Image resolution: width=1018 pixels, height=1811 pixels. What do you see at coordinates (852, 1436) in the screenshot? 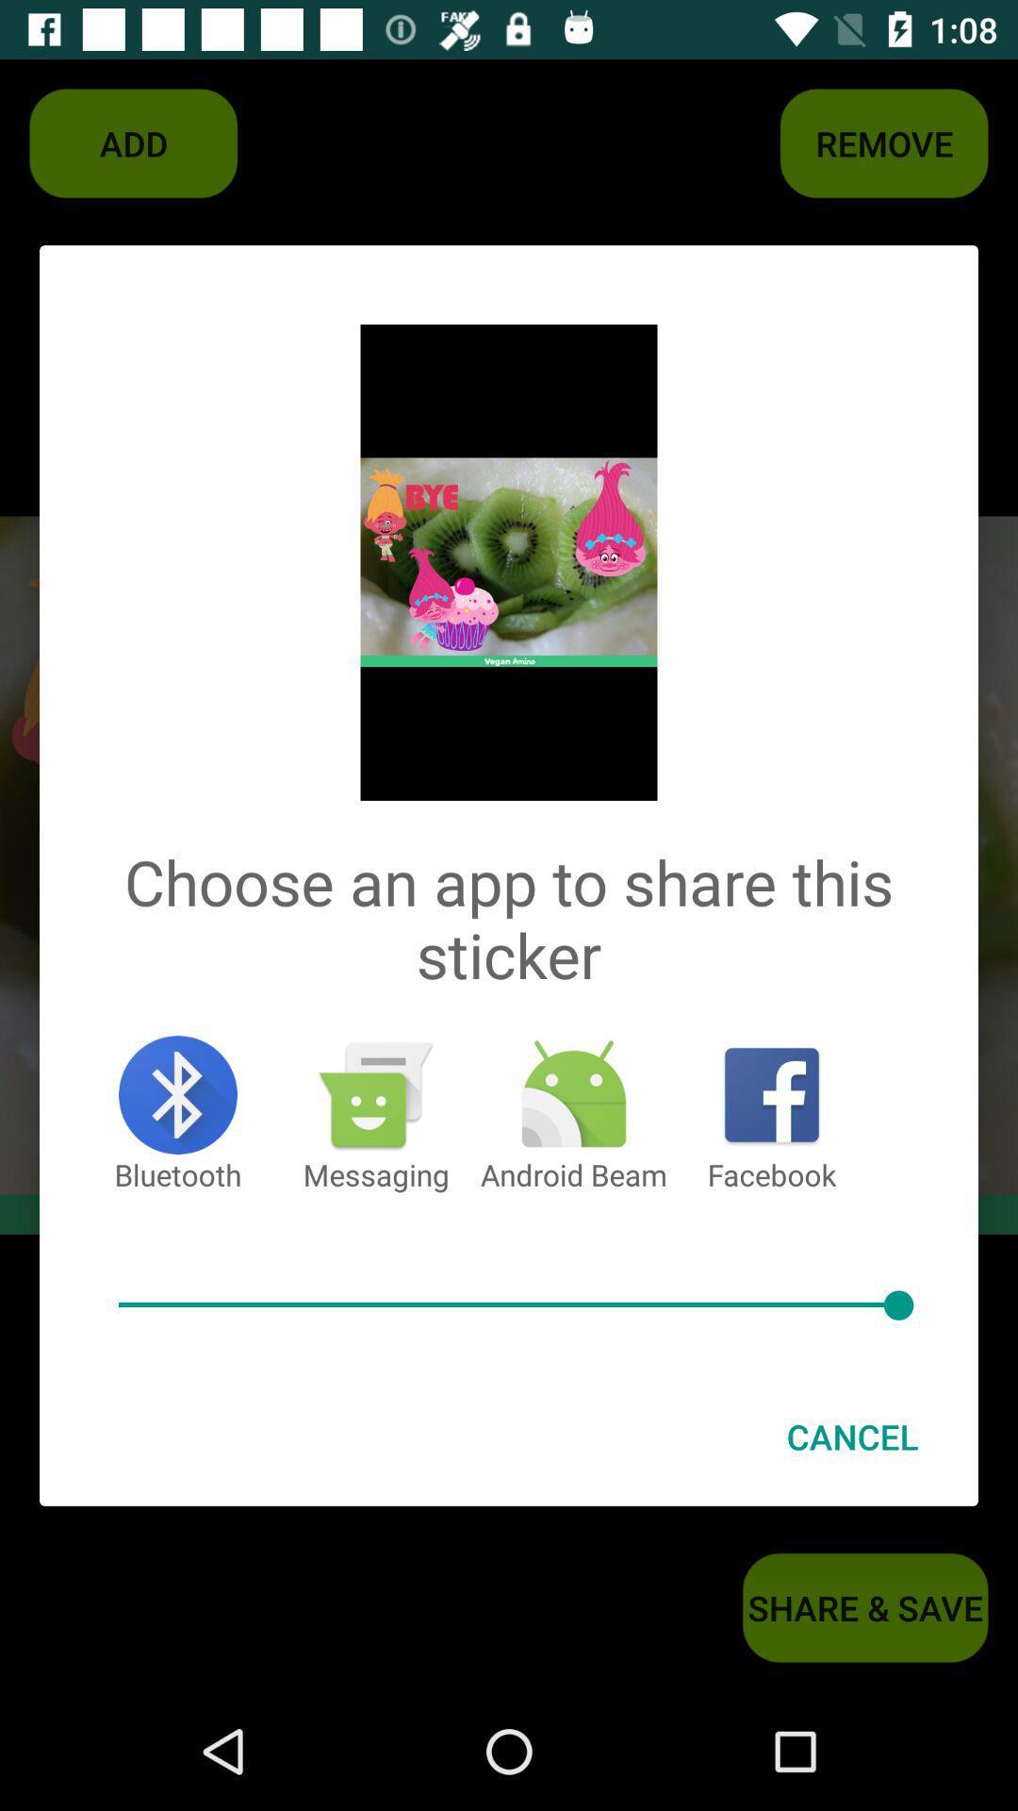
I see `cancel item` at bounding box center [852, 1436].